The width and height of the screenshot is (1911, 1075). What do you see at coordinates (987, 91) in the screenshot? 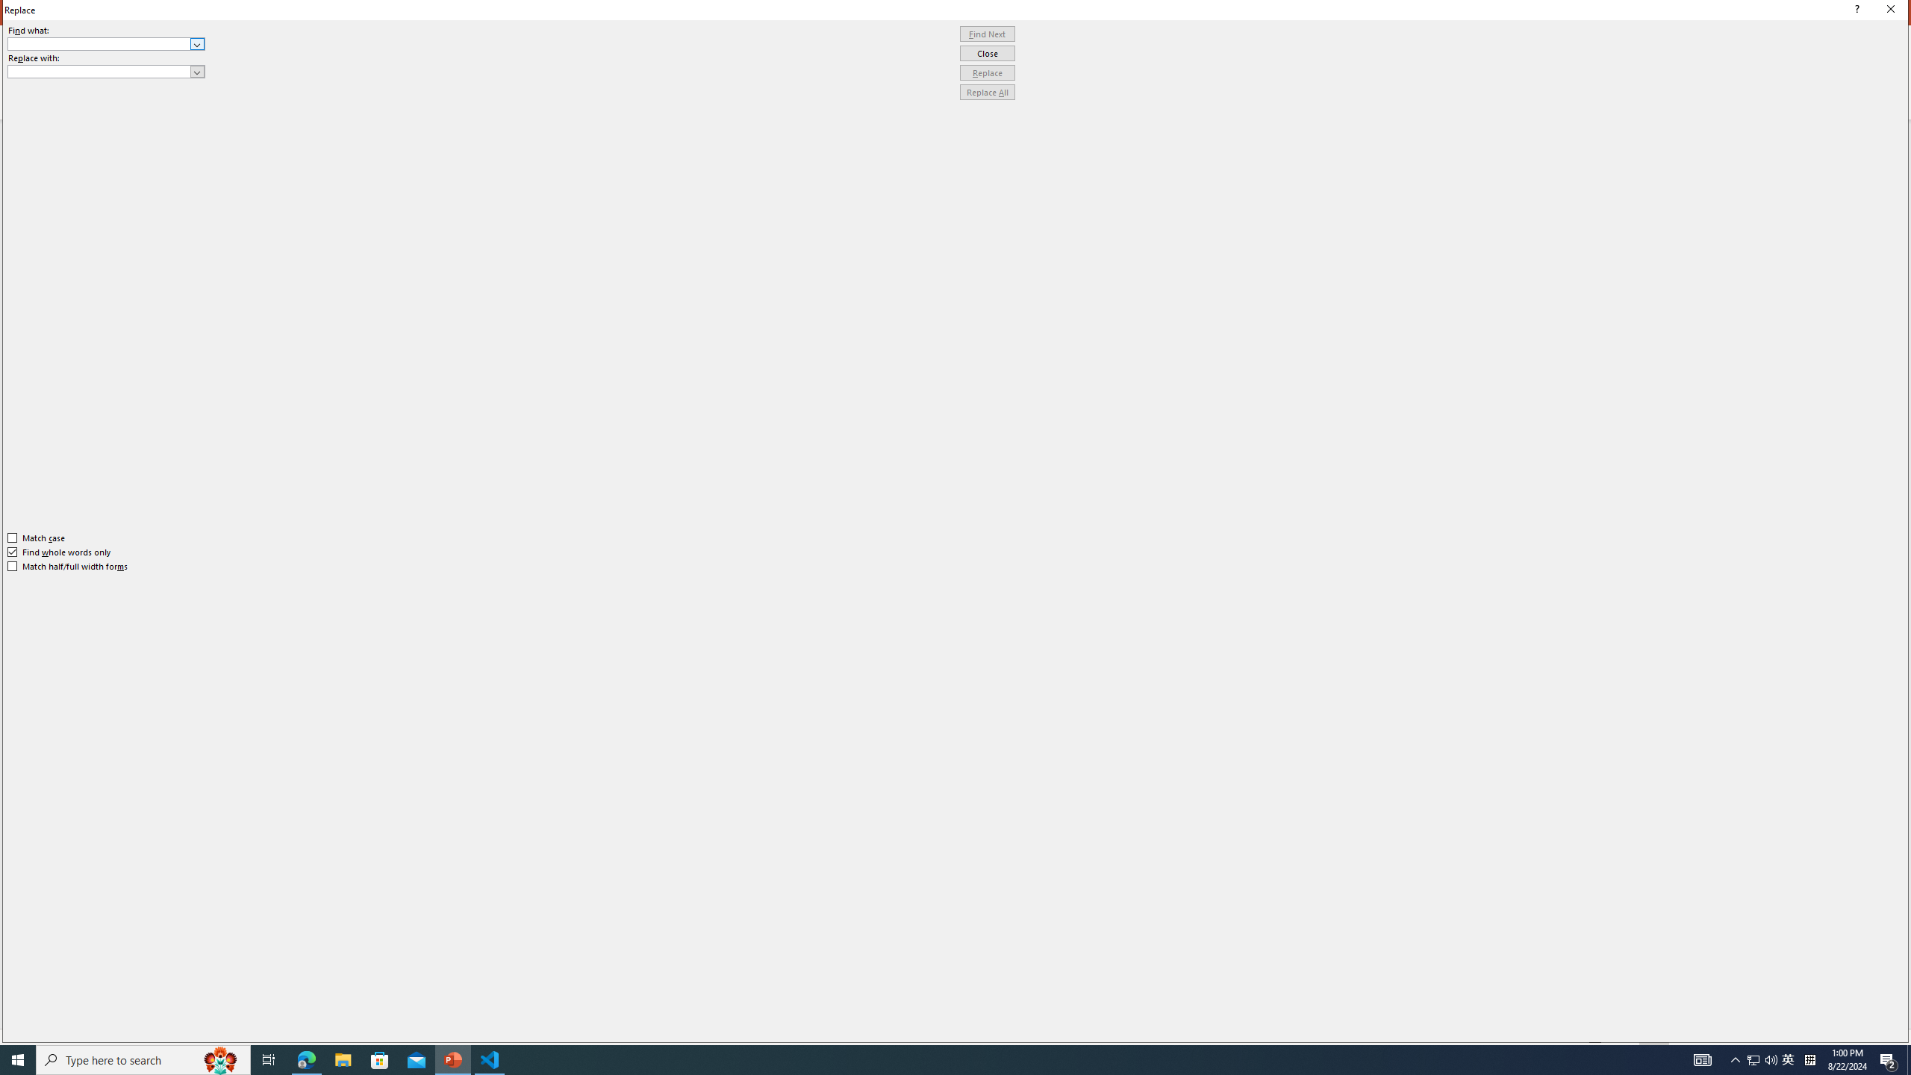
I see `'Replace All'` at bounding box center [987, 91].